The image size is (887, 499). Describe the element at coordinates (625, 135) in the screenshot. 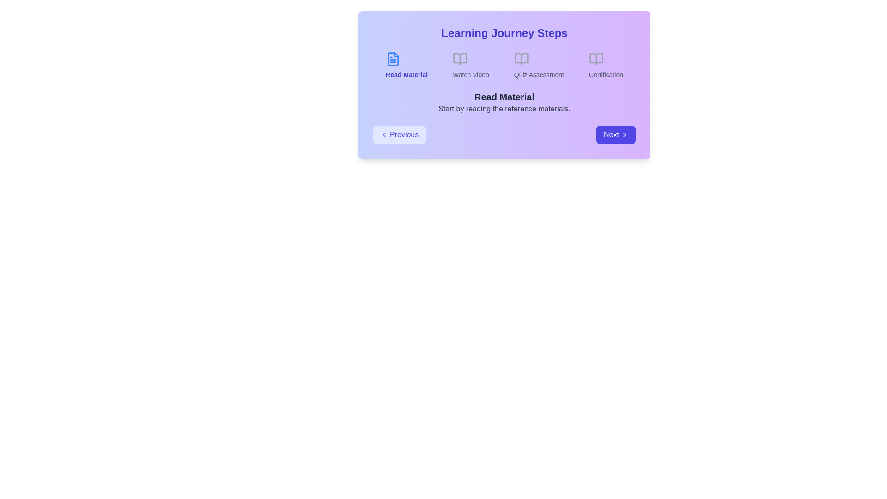

I see `the 'Next' button located at the bottom-right of the 'Learning Journey Steps' card by clicking on the icon that indicates forward navigation to proceed to the next step` at that location.